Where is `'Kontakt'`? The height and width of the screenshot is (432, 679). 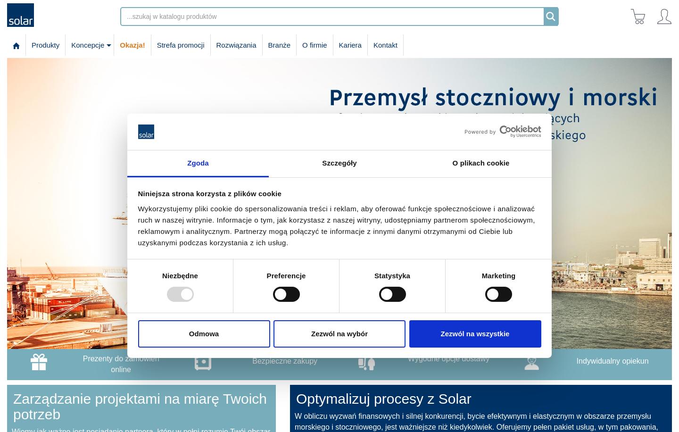
'Kontakt' is located at coordinates (385, 44).